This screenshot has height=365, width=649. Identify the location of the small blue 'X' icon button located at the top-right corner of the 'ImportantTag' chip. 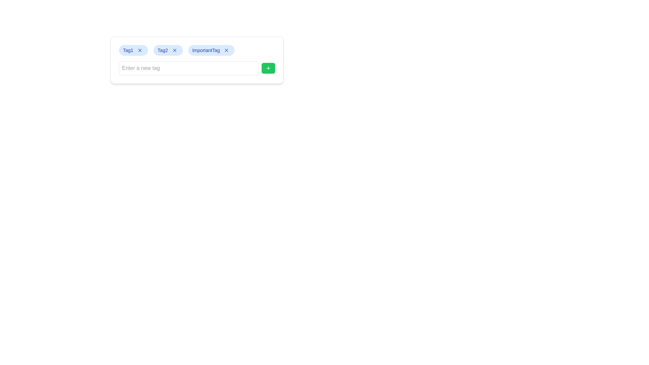
(226, 50).